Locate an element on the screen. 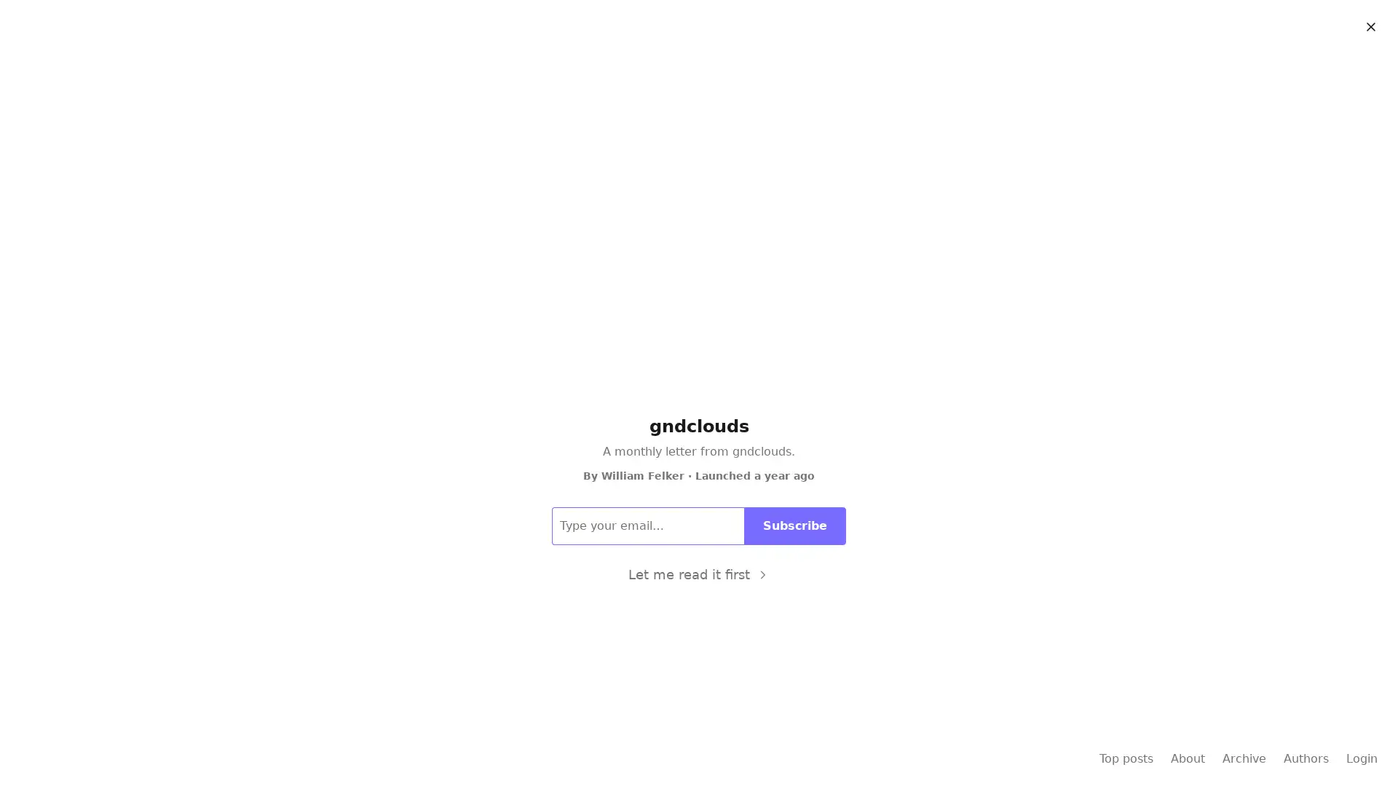 The height and width of the screenshot is (786, 1398). 1 is located at coordinates (734, 656).